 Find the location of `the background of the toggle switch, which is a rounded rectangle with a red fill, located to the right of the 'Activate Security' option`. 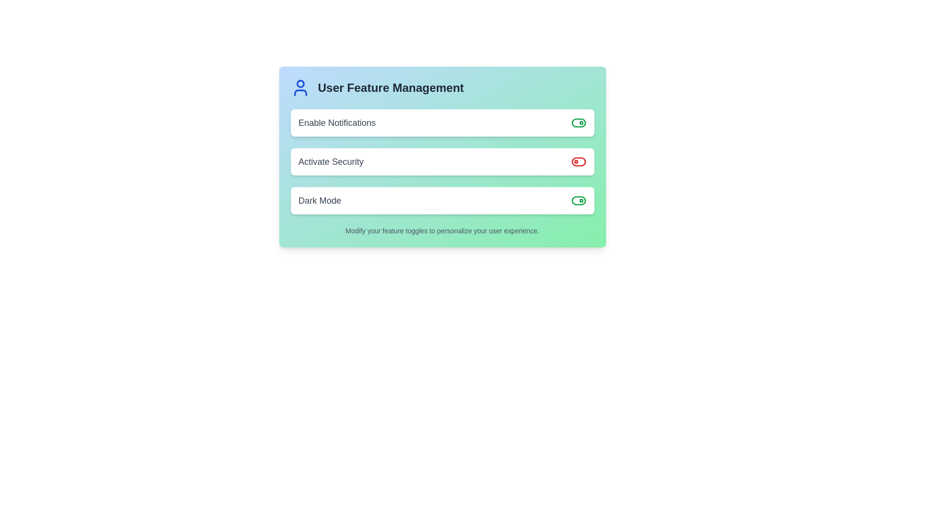

the background of the toggle switch, which is a rounded rectangle with a red fill, located to the right of the 'Activate Security' option is located at coordinates (578, 161).